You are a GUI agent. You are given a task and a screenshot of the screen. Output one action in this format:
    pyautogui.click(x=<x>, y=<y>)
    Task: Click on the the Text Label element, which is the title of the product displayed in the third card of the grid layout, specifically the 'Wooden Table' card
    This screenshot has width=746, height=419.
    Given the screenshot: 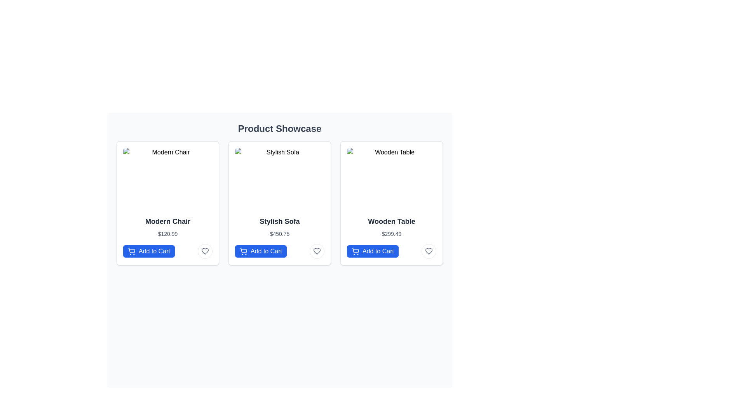 What is the action you would take?
    pyautogui.click(x=392, y=221)
    